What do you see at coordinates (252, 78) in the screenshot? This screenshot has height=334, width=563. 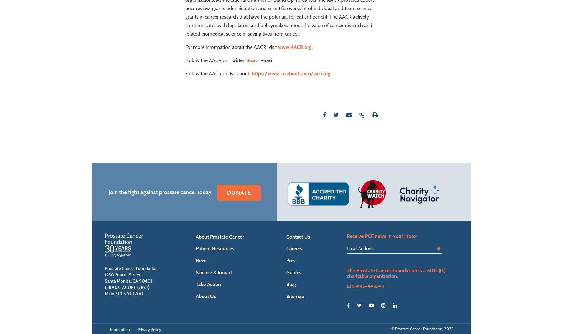 I see `'@aacr'` at bounding box center [252, 78].